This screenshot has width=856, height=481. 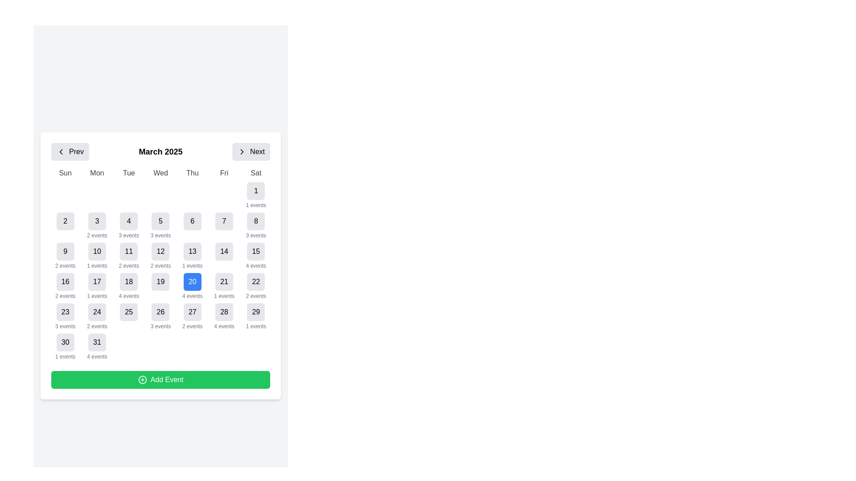 I want to click on the button representing the date '13' in the calendar, so click(x=192, y=251).